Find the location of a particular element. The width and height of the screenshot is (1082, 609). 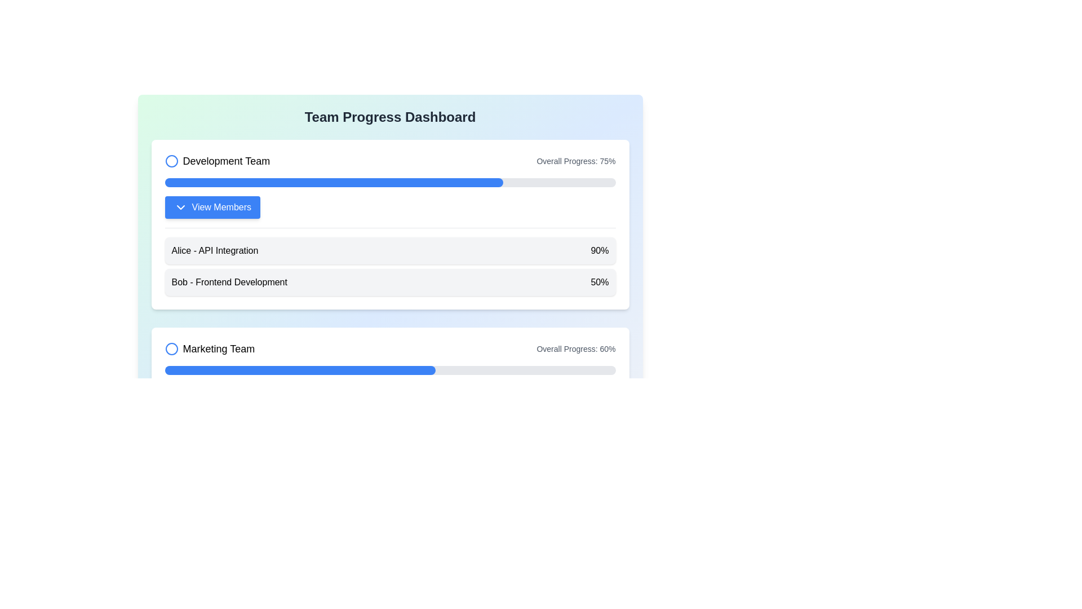

the circular graphical element styled with a blue stroke, which is located adjacent to the 'Marketing Team' text in the second team section of the page is located at coordinates (171, 348).